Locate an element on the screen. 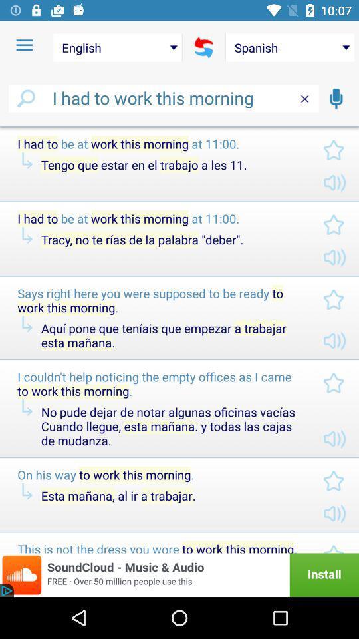 The width and height of the screenshot is (359, 639). the english item is located at coordinates (118, 47).